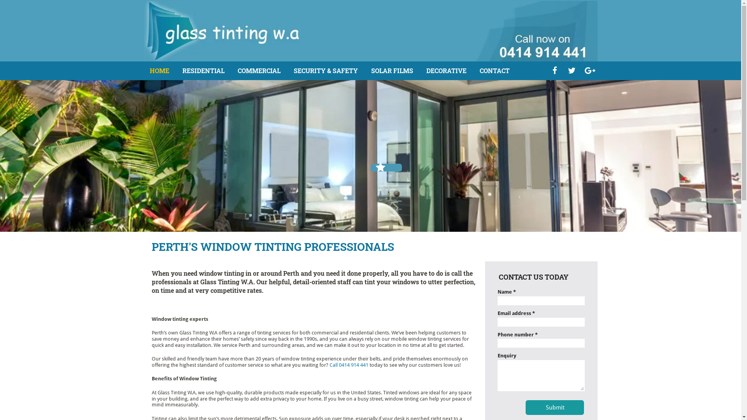 This screenshot has height=420, width=747. What do you see at coordinates (446, 70) in the screenshot?
I see `'DECORATIVE'` at bounding box center [446, 70].